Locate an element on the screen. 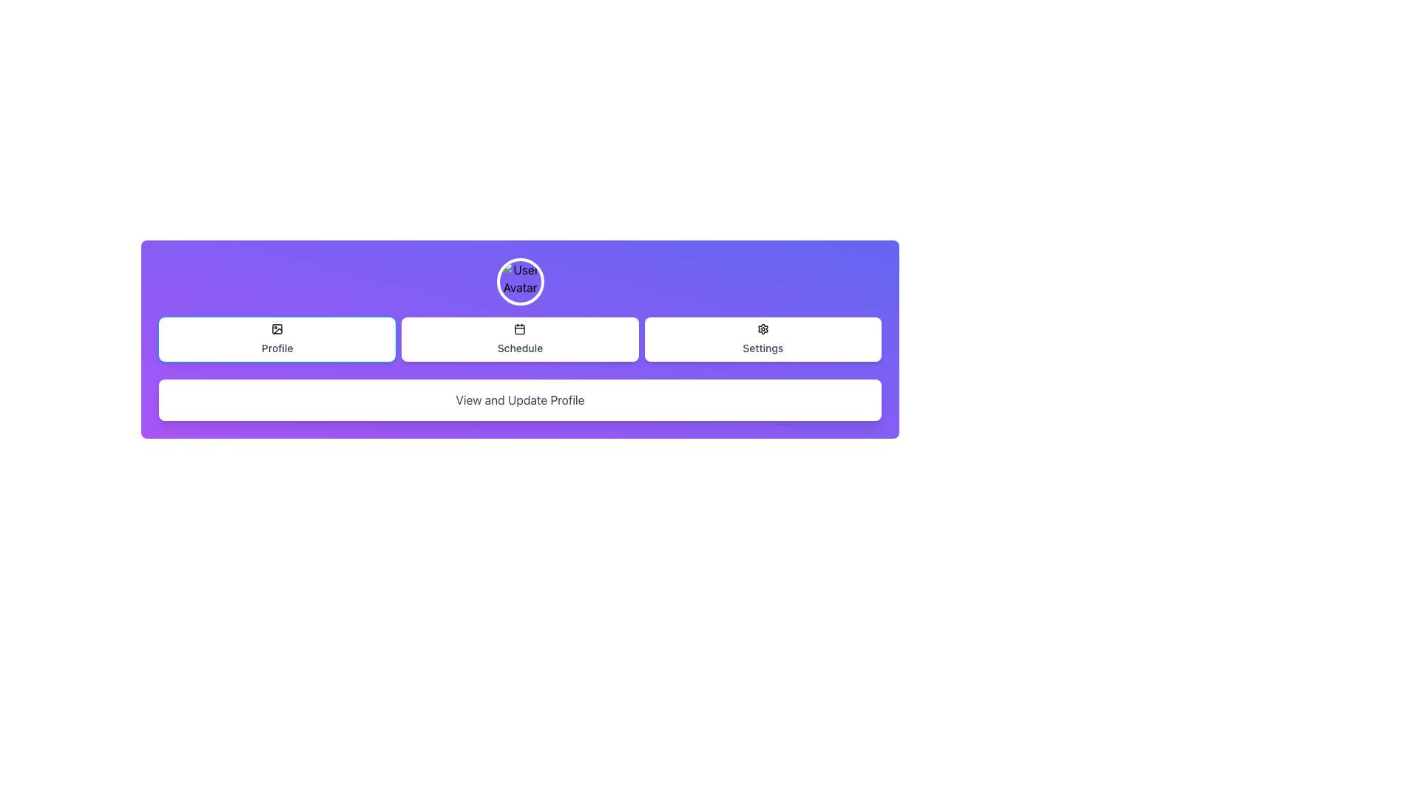 Image resolution: width=1420 pixels, height=799 pixels. the 'Settings' button, which is a rectangular button with a white background, rounded corners, and a gear icon above the text, located on the rightmost side of a row of buttons is located at coordinates (763, 340).